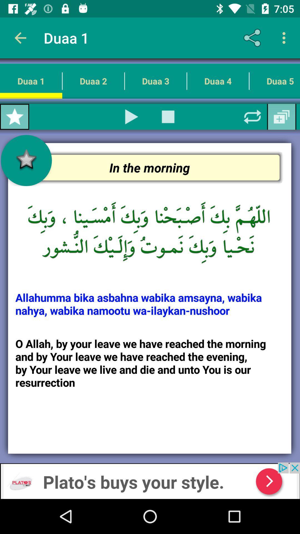 The height and width of the screenshot is (534, 300). I want to click on the star icon, so click(14, 117).